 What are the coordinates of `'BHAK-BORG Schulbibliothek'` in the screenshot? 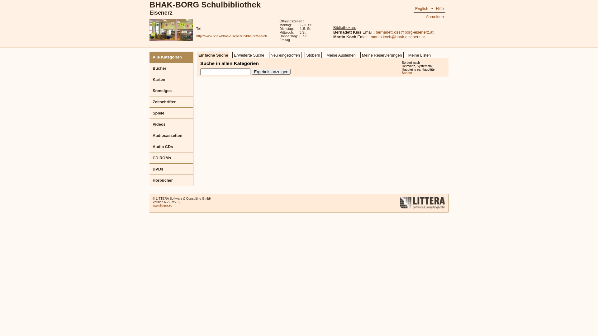 It's located at (205, 5).